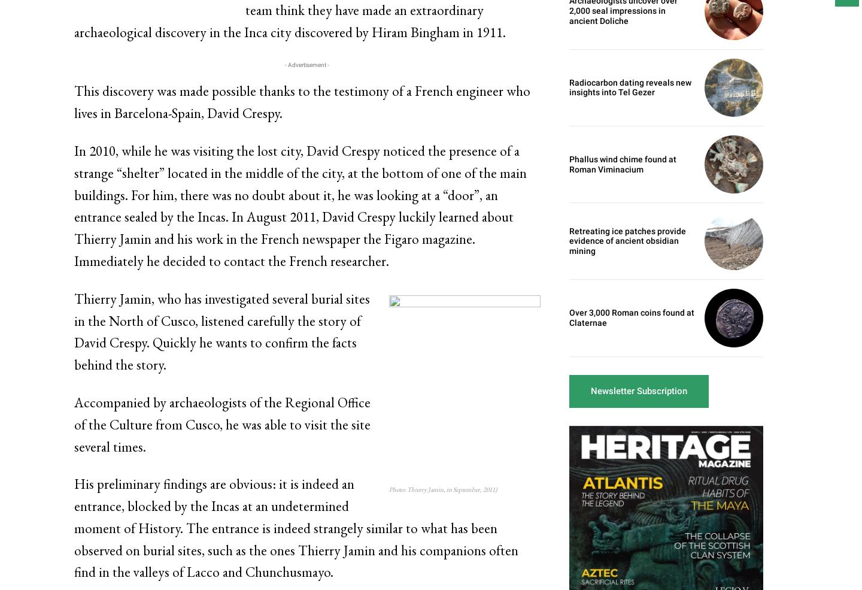 Image resolution: width=862 pixels, height=590 pixels. What do you see at coordinates (73, 331) in the screenshot?
I see `'Thierry Jamin, who has investigated several burial sites in the North of Cusco, listened carefully the story of David Crespy. Quickly he wants to confirm the facts behind the story.'` at bounding box center [73, 331].